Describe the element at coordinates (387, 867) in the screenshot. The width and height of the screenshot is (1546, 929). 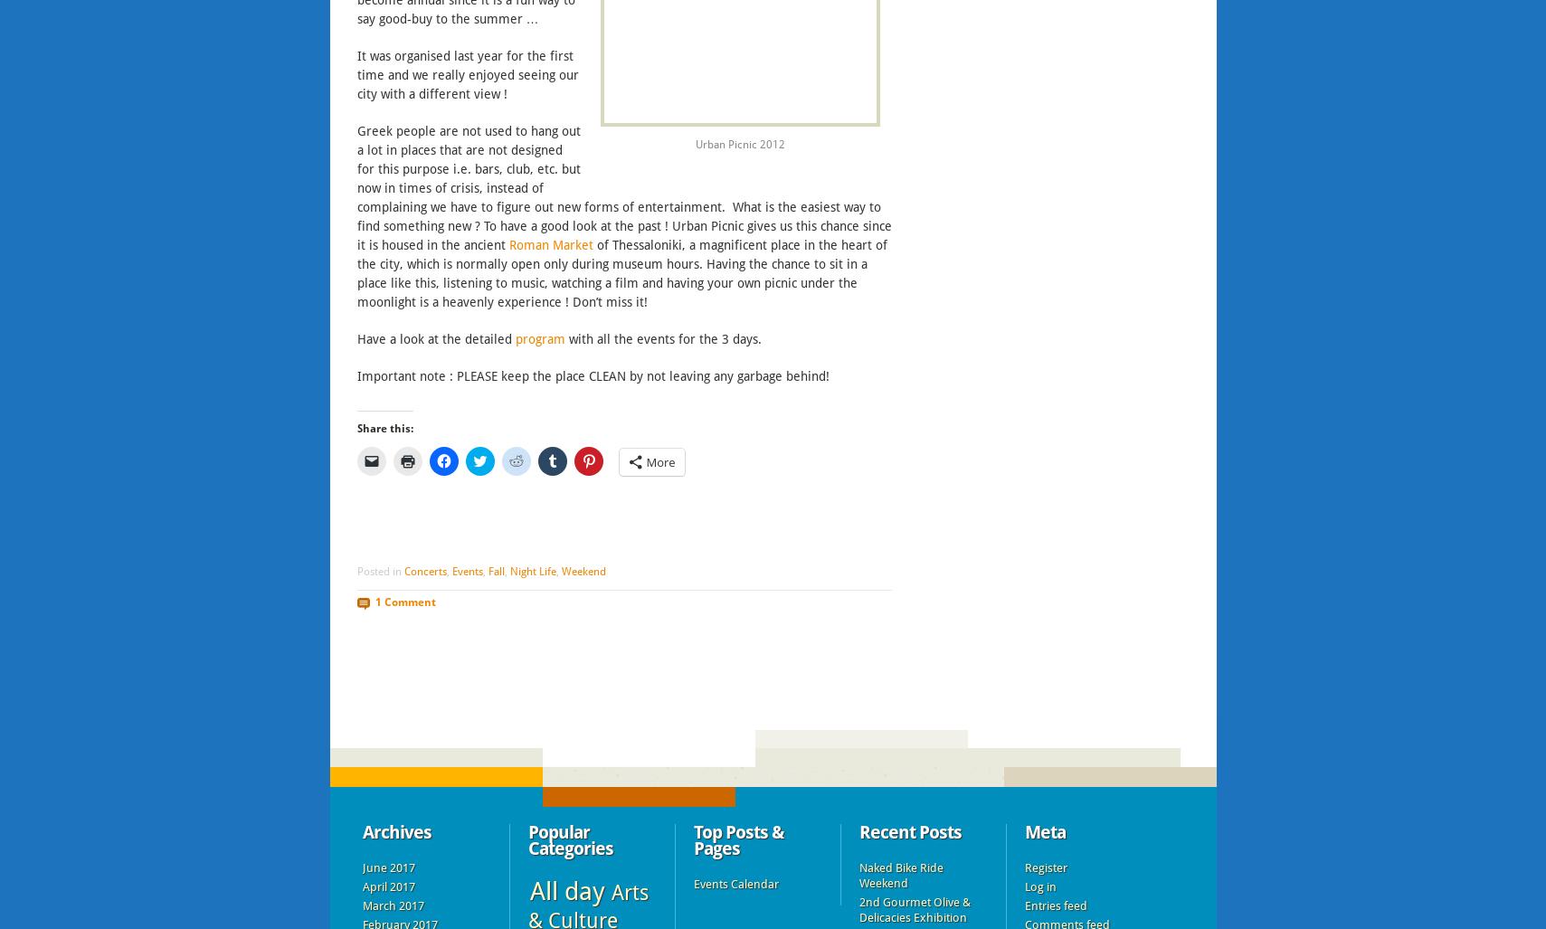
I see `'June 2017'` at that location.